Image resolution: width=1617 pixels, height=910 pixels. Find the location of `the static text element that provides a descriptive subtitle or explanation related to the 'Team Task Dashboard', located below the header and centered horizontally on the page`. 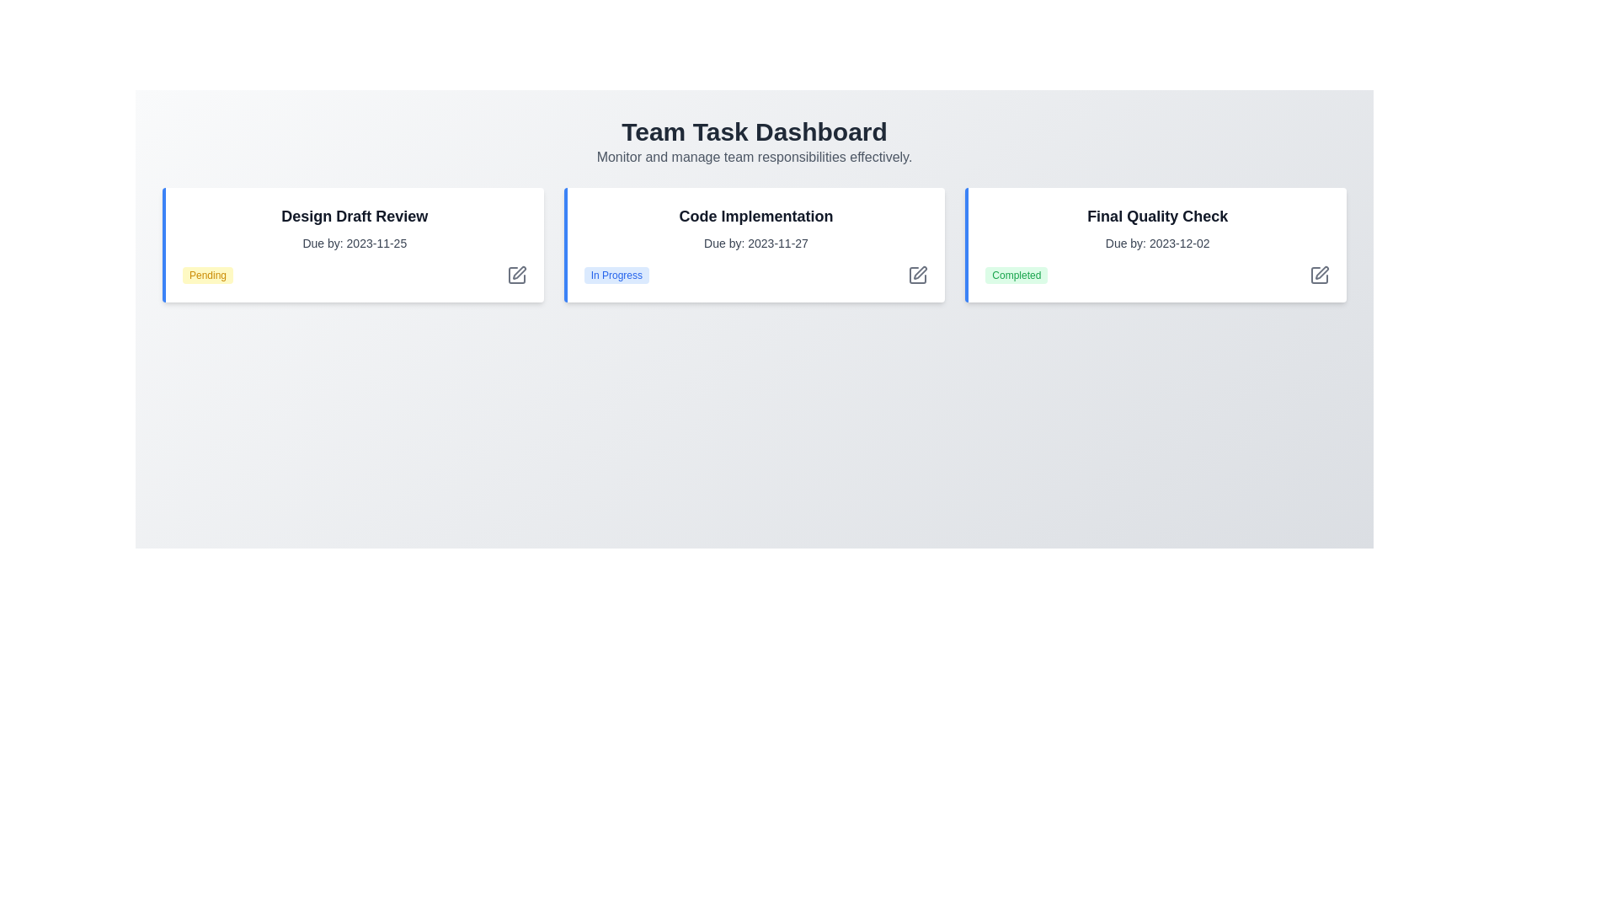

the static text element that provides a descriptive subtitle or explanation related to the 'Team Task Dashboard', located below the header and centered horizontally on the page is located at coordinates (754, 157).